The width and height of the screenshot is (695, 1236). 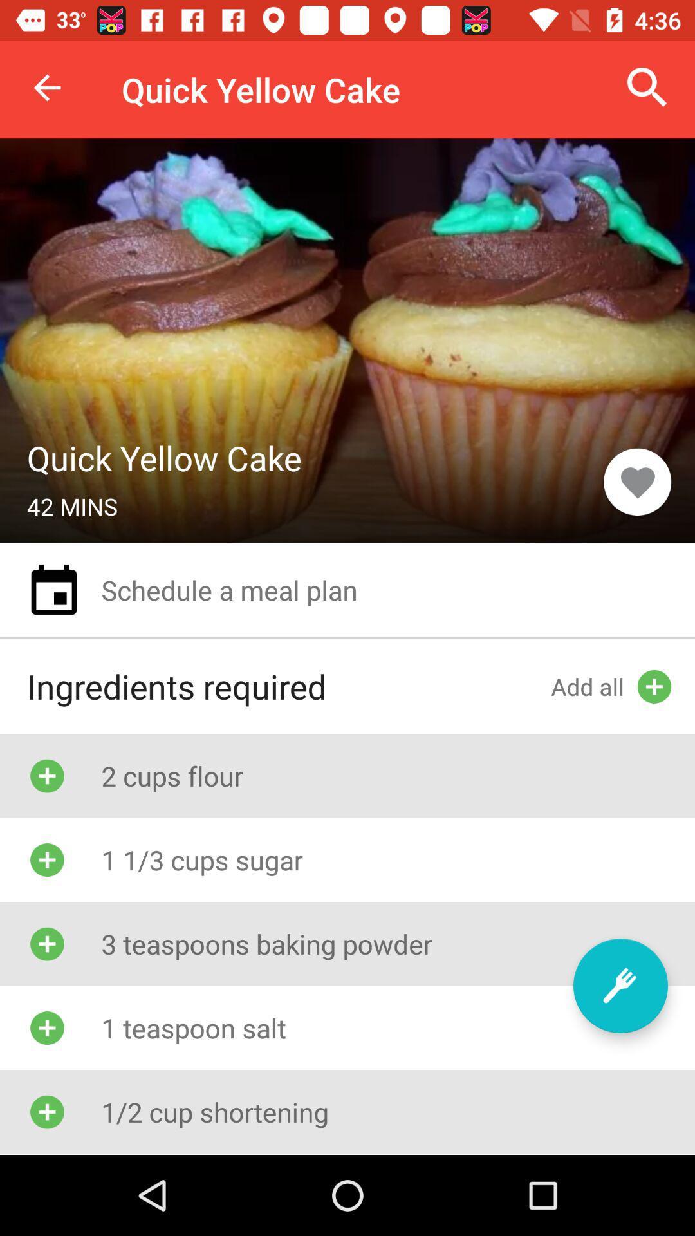 I want to click on icon before 12 cup shortening text, so click(x=46, y=1111).